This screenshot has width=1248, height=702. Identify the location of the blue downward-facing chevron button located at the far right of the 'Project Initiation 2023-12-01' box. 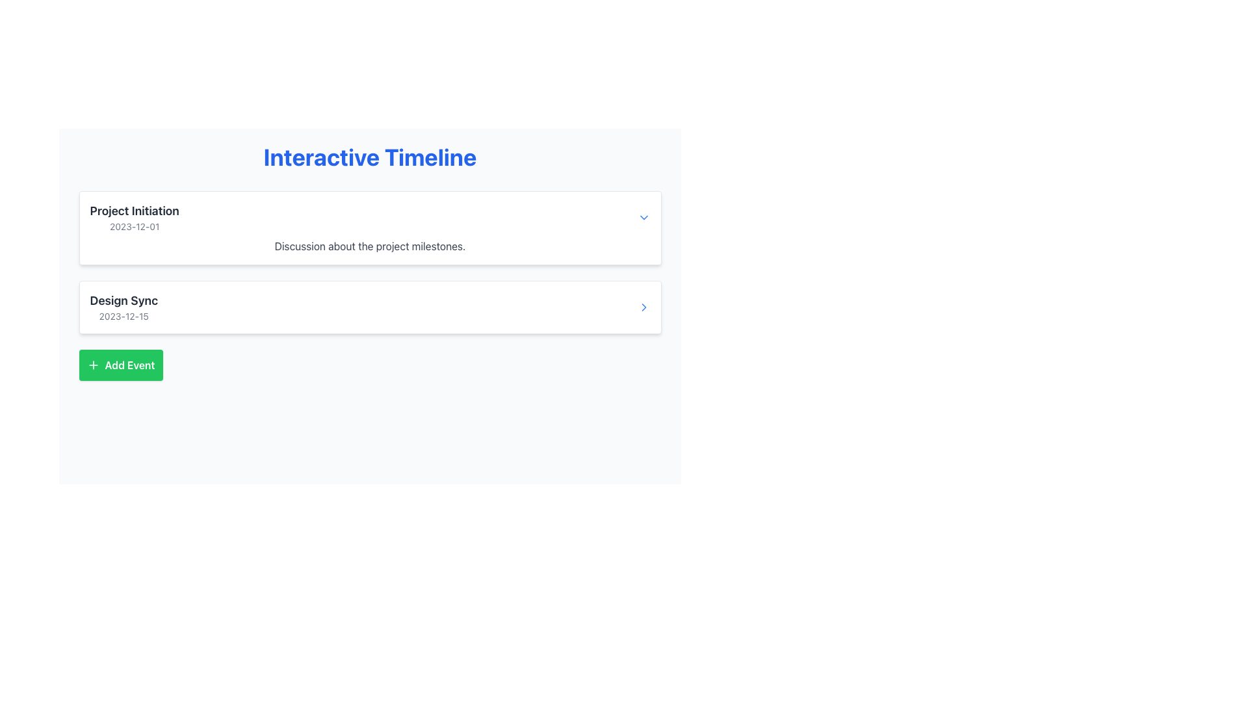
(643, 217).